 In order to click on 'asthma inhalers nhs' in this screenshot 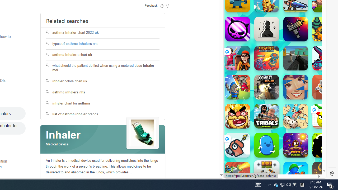, I will do `click(103, 92)`.